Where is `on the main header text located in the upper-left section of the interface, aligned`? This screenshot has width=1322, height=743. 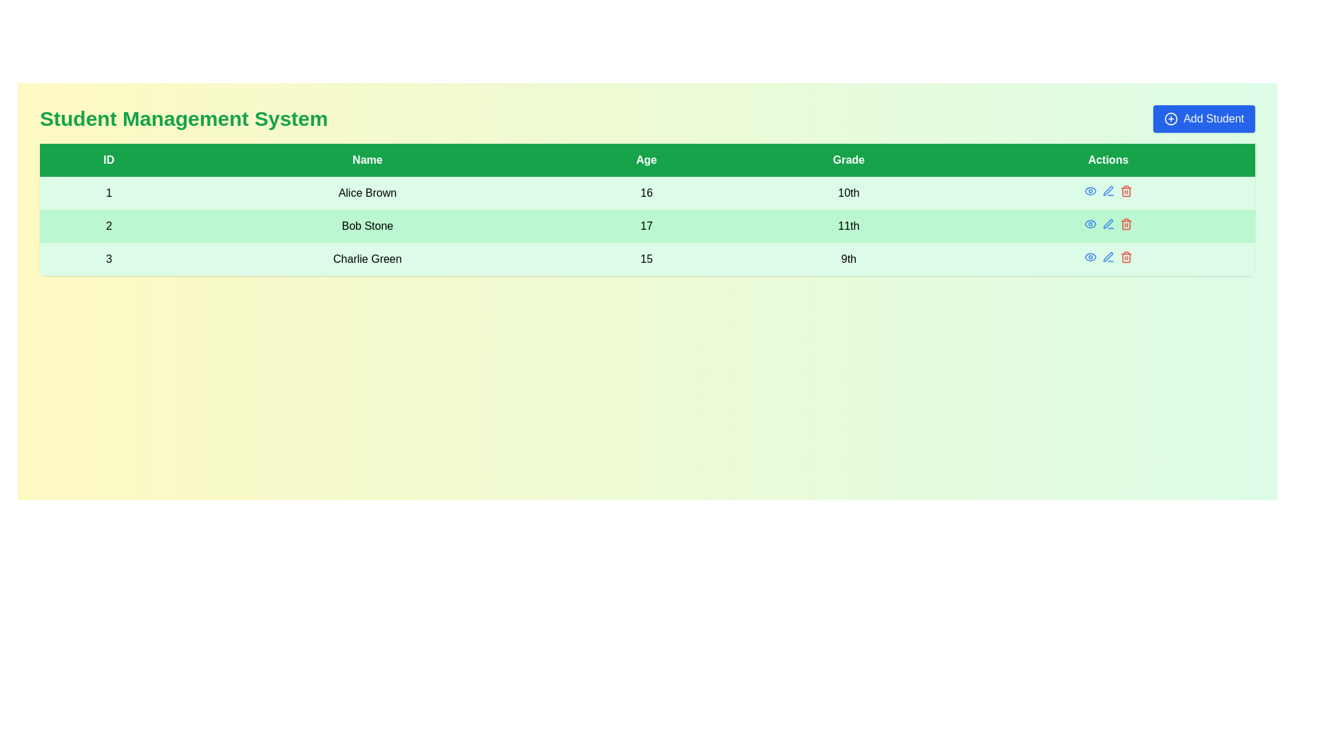
on the main header text located in the upper-left section of the interface, aligned is located at coordinates (183, 118).